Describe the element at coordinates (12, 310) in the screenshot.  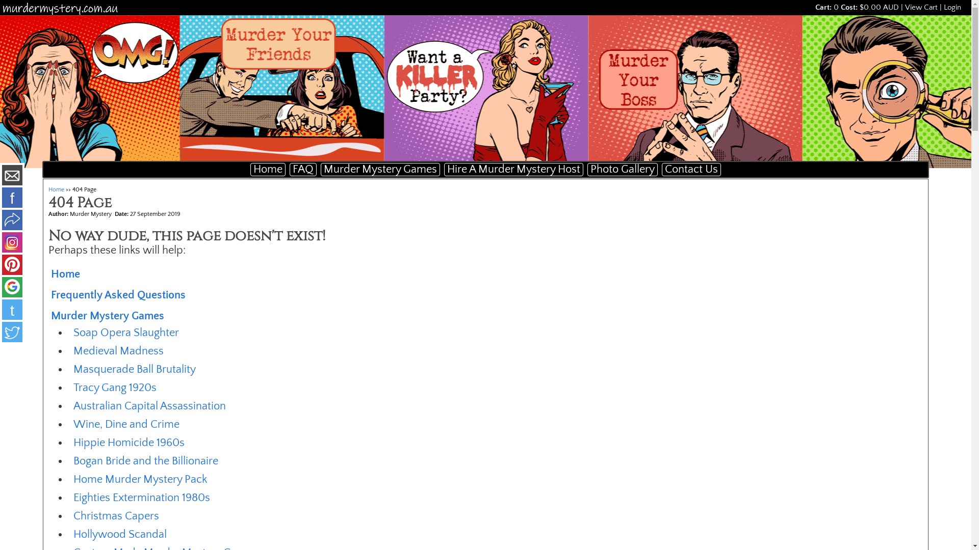
I see `'t'` at that location.